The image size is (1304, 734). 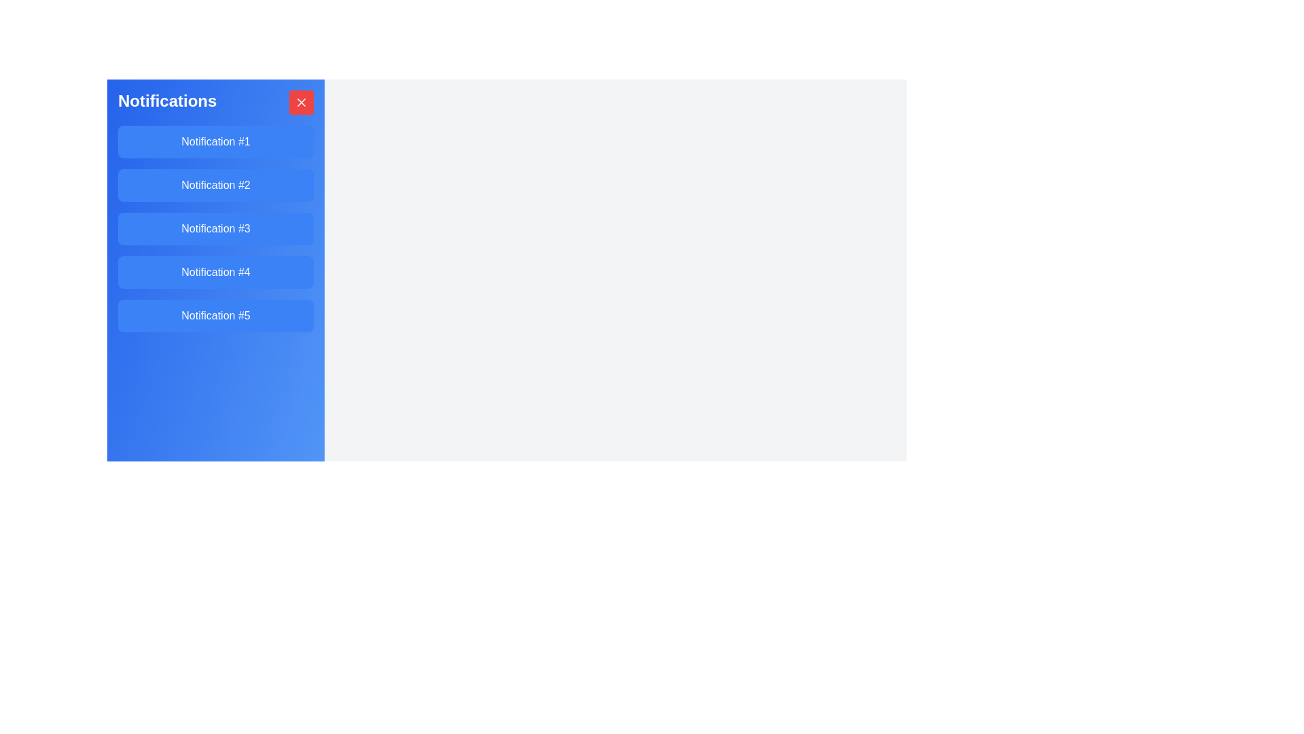 I want to click on close button to hide the notification drawer, so click(x=301, y=101).